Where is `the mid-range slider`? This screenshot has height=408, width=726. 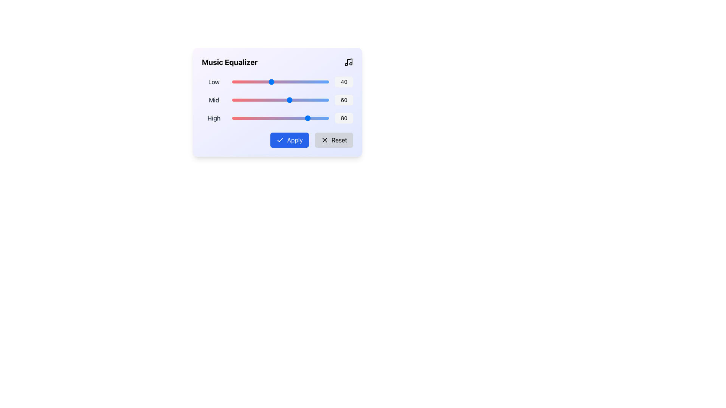 the mid-range slider is located at coordinates (257, 100).